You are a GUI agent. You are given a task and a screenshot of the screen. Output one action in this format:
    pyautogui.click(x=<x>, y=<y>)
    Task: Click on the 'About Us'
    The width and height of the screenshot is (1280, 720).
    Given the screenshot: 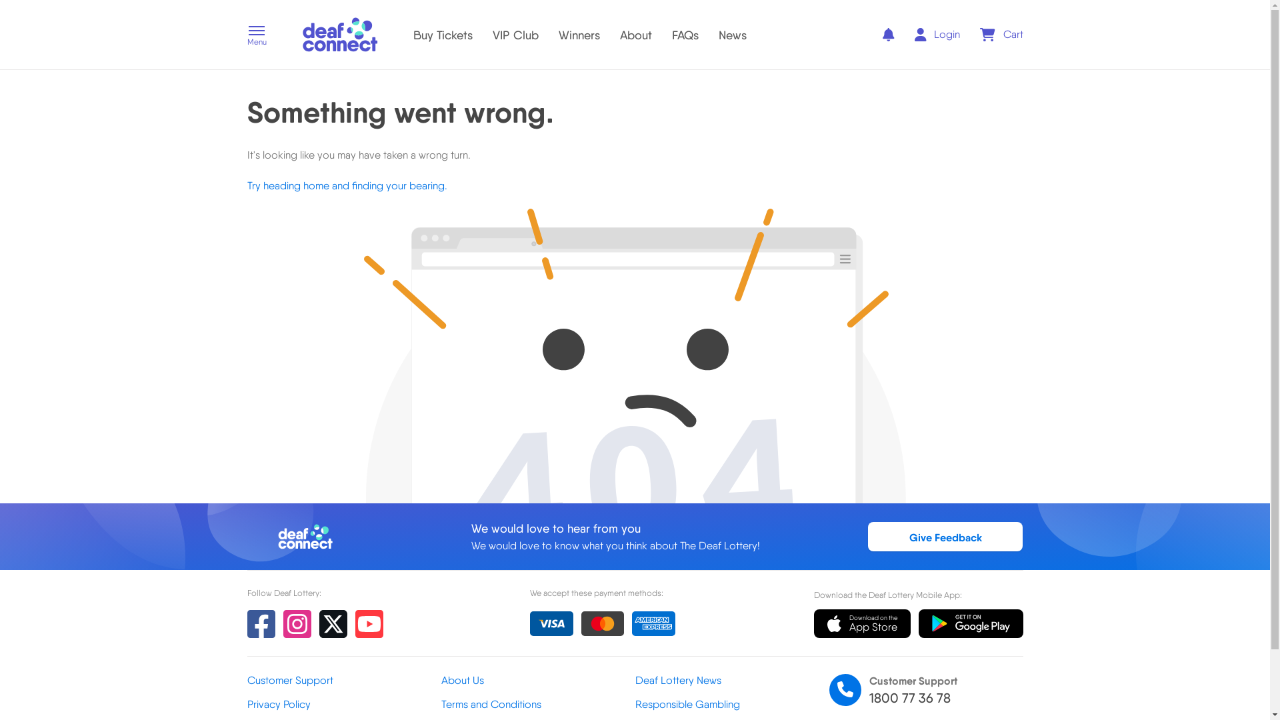 What is the action you would take?
    pyautogui.click(x=538, y=681)
    